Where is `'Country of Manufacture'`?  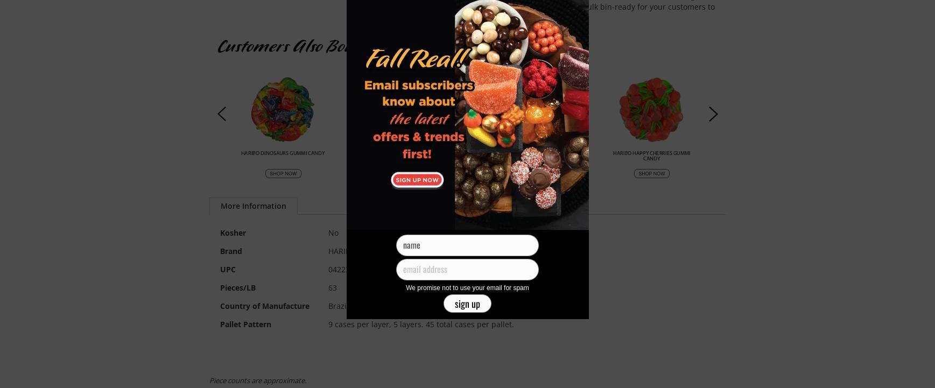 'Country of Manufacture' is located at coordinates (264, 305).